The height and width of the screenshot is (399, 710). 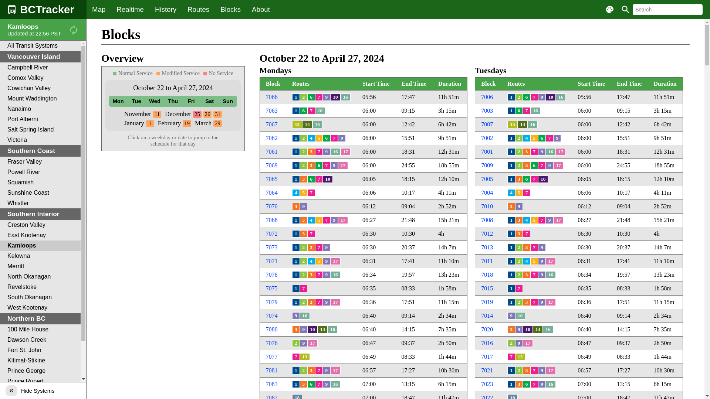 I want to click on '2', so click(x=300, y=96).